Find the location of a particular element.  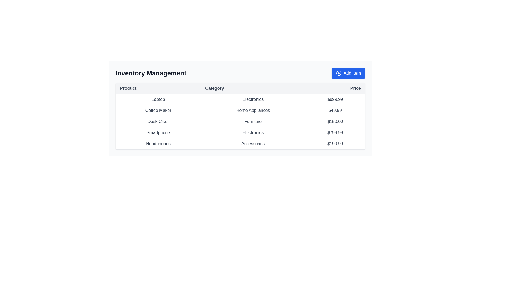

displayed text 'Accessories' located in the 'Category' column of the table, aligned with the 'Product' 'Headphones' is located at coordinates (253, 144).